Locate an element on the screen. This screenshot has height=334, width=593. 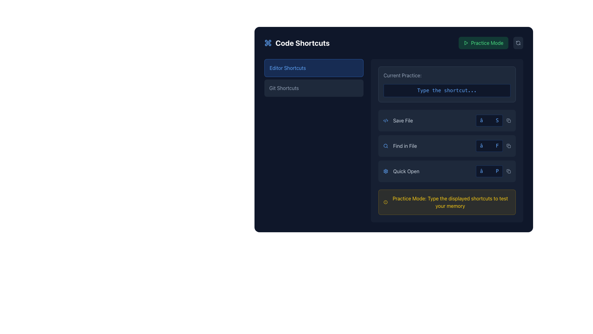
the informational banner or message box at the bottom of the interface that provides guidance on engaging with the practice mode functionality is located at coordinates (447, 202).